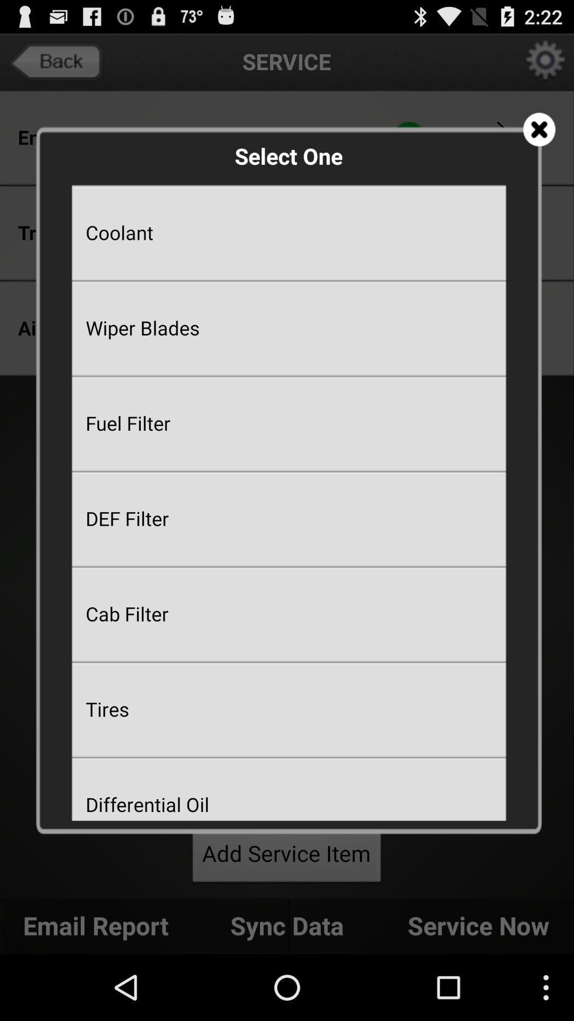  Describe the element at coordinates (539, 129) in the screenshot. I see `the item to the right of the select one` at that location.